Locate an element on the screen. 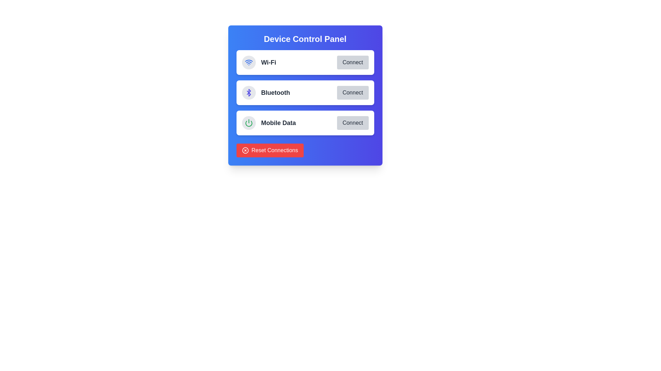  the leftmost button in the 'Mobile Data' row of the 'Device Control Panel' is located at coordinates (248, 123).